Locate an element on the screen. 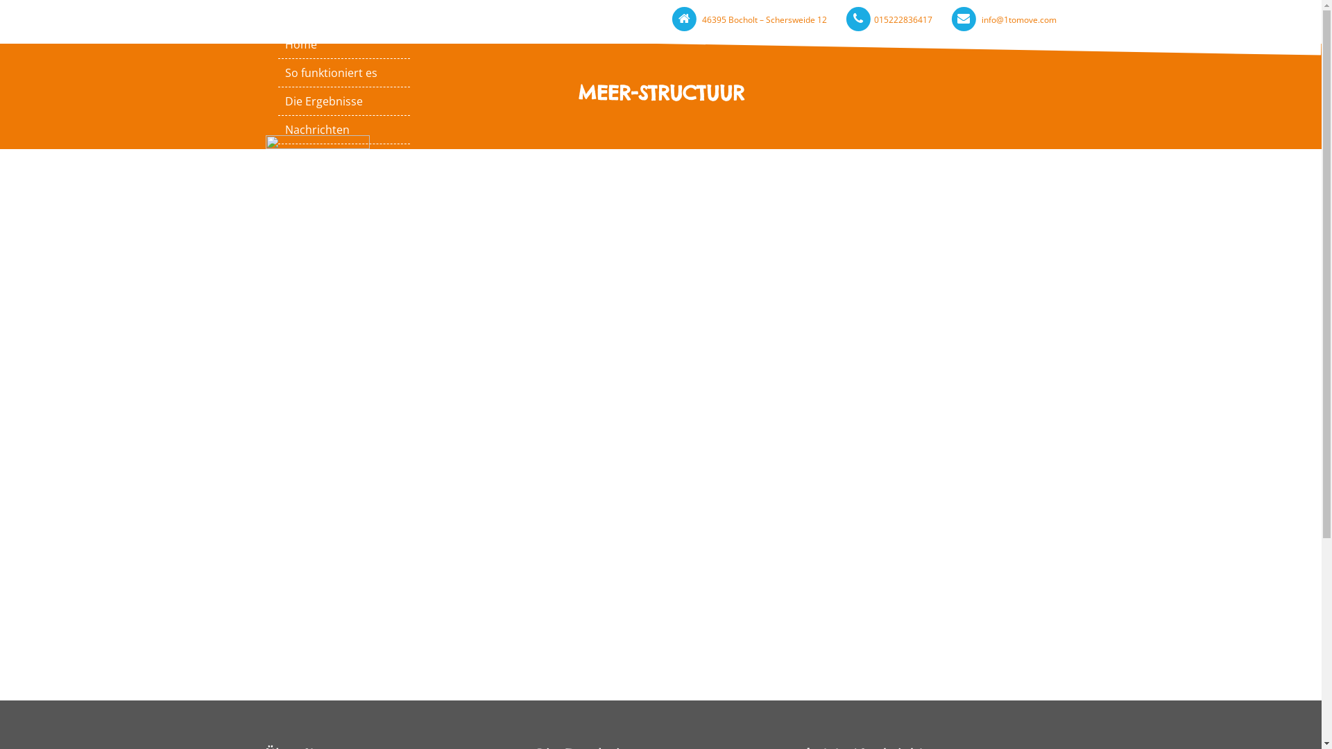  'Nachrichten' is located at coordinates (343, 129).